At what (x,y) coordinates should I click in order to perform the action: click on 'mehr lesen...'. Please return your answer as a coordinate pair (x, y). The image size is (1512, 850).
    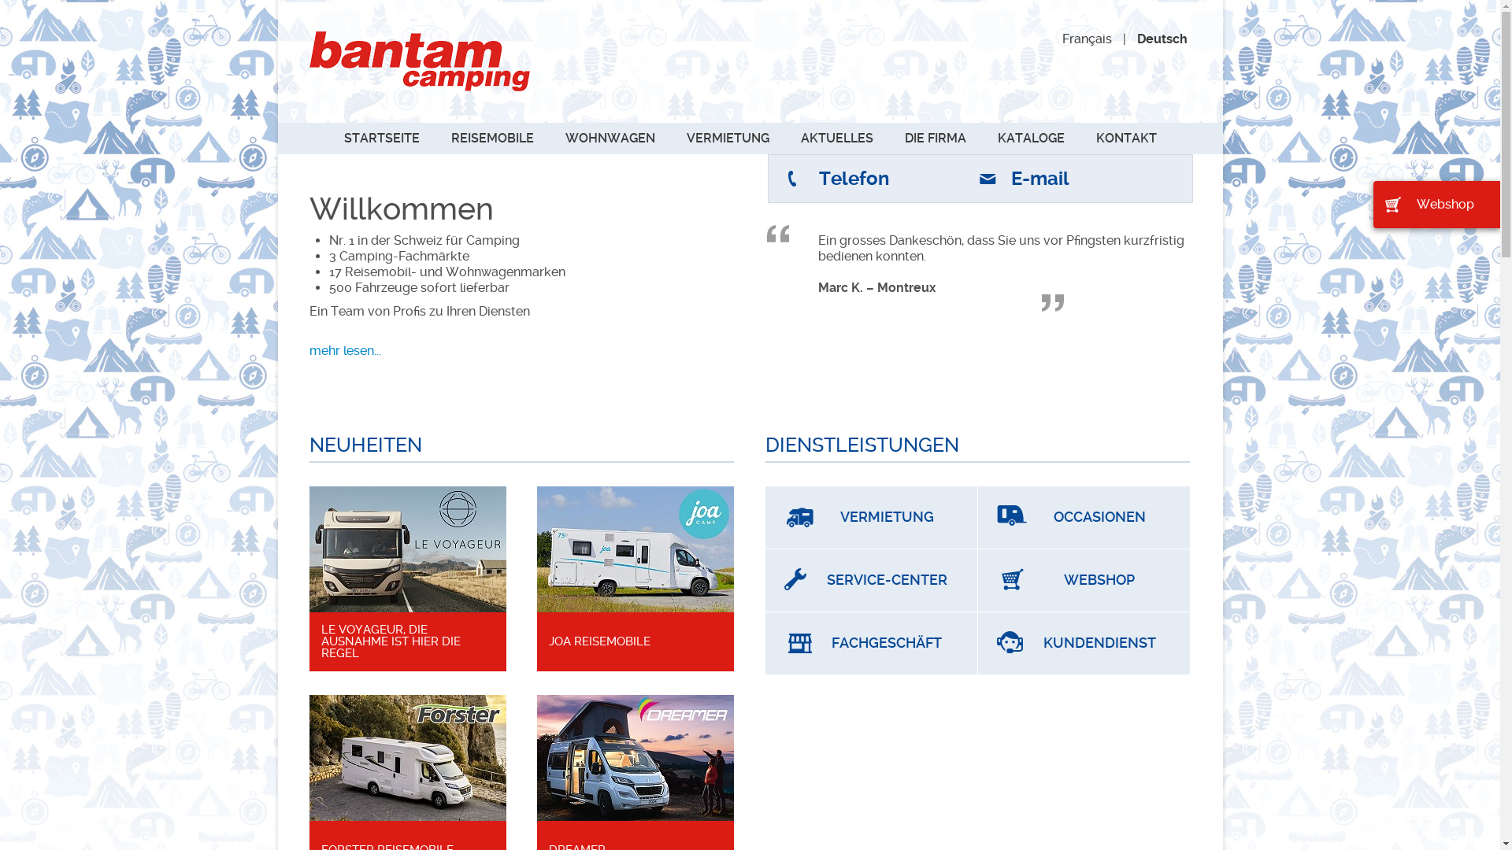
    Looking at the image, I should click on (309, 349).